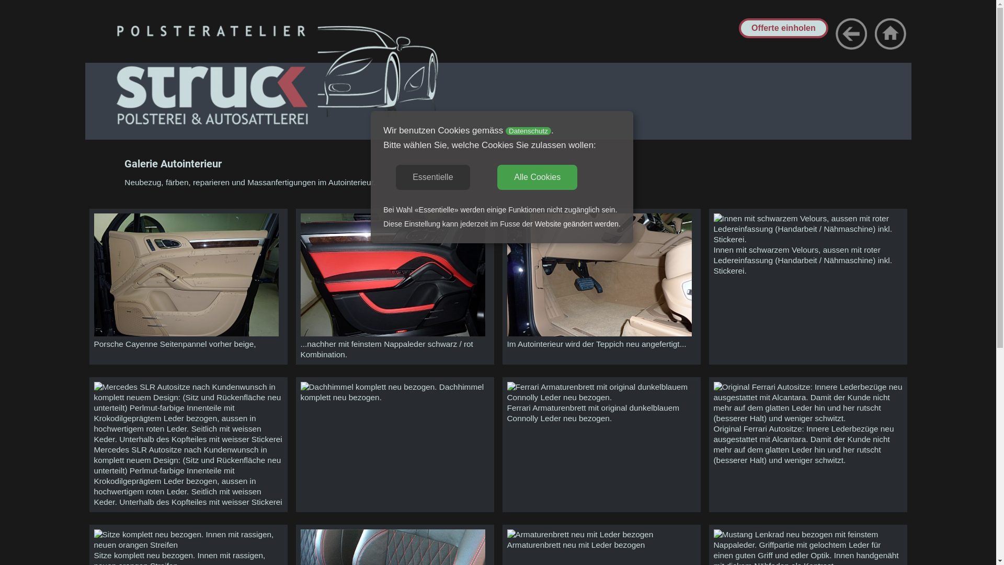  Describe the element at coordinates (186, 333) in the screenshot. I see `'Porsche Cayenne Seitenpannel vorher beige, ...'` at that location.